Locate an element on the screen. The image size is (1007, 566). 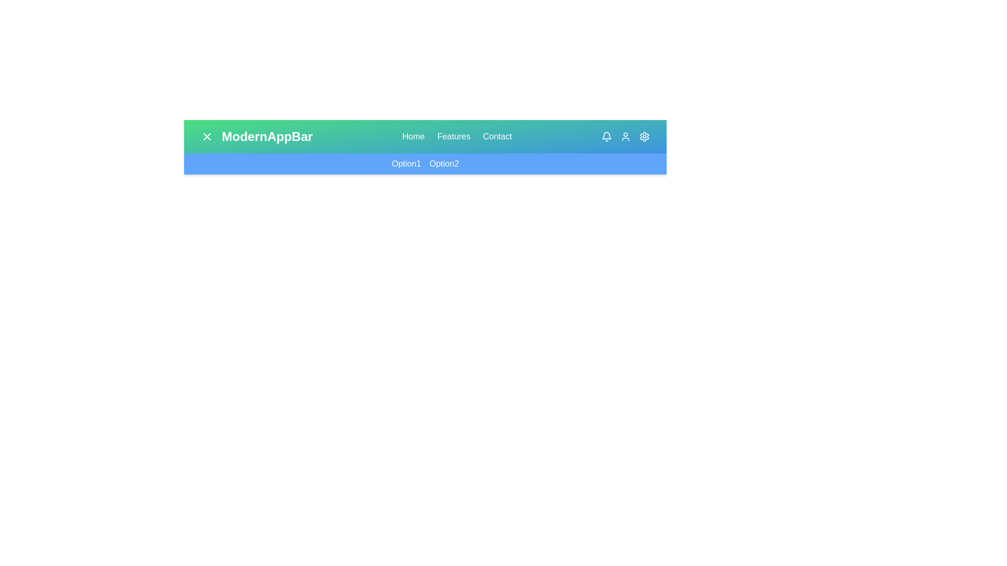
the navigation link Contact is located at coordinates (497, 136).